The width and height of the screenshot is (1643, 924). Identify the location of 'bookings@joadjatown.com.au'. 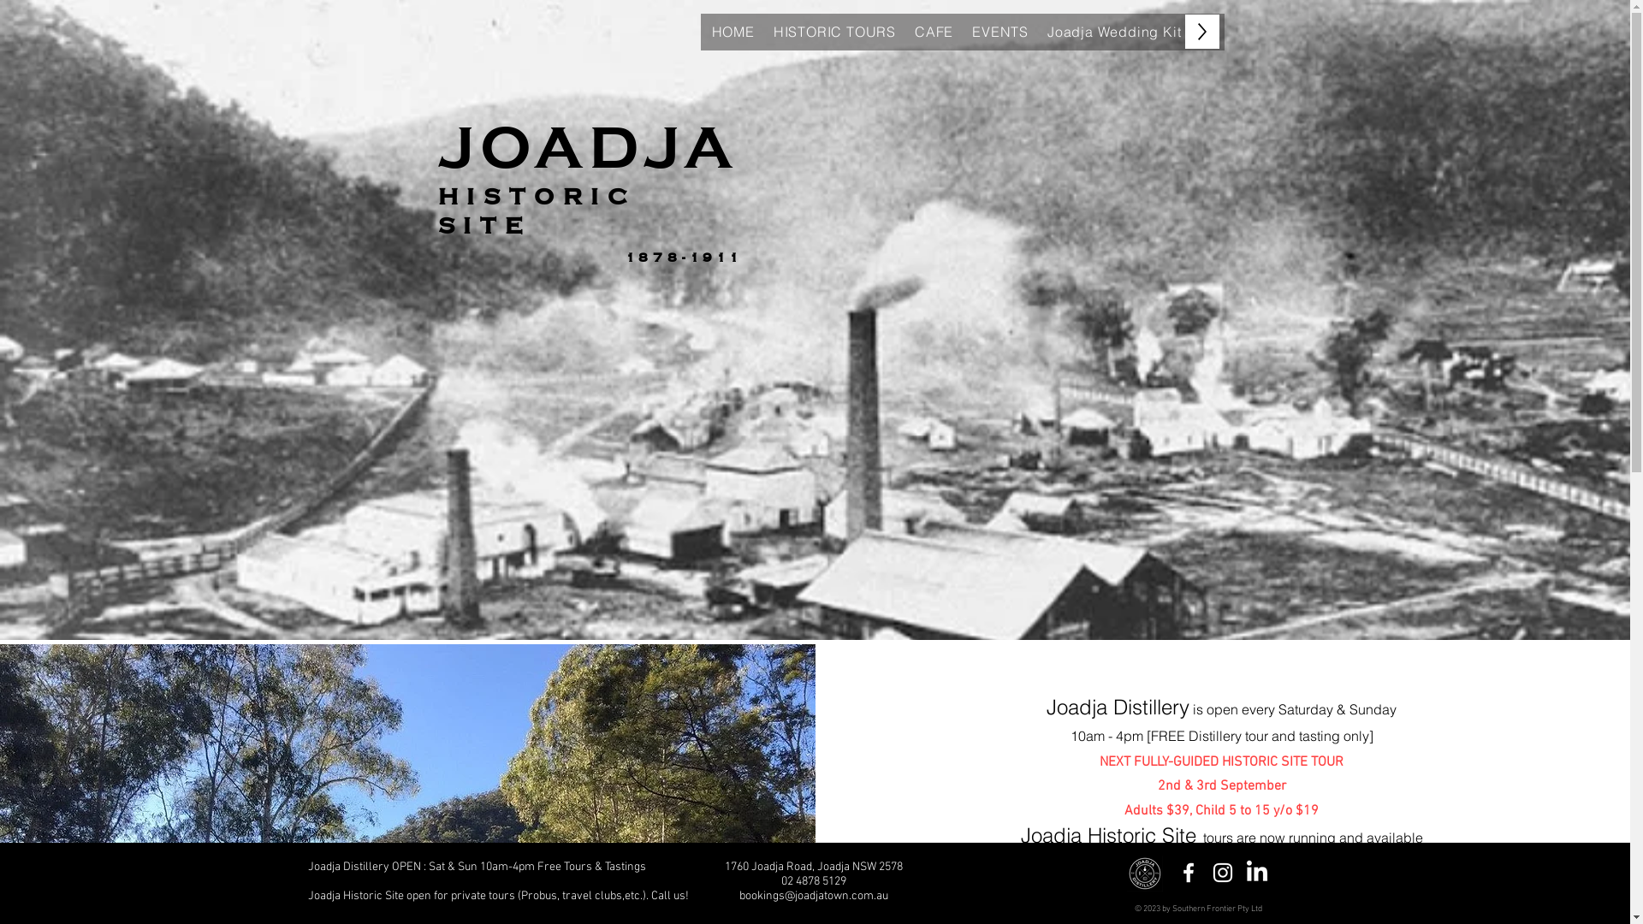
(812, 895).